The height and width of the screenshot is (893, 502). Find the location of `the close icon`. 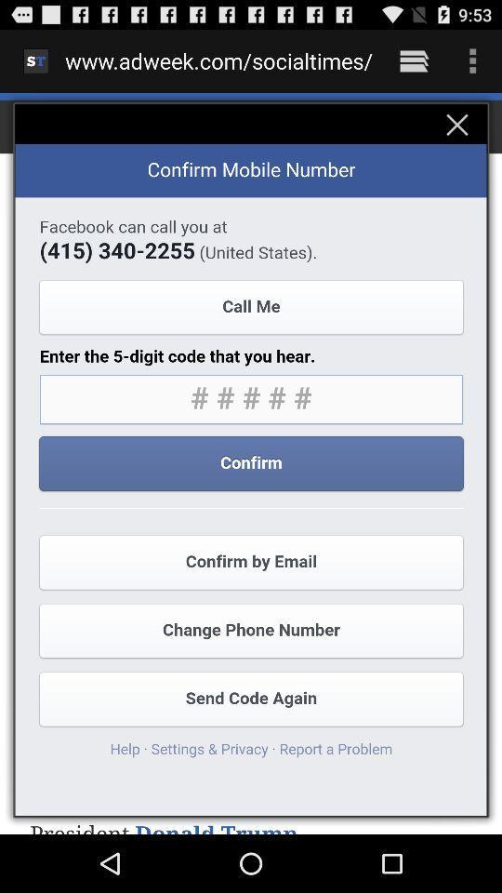

the close icon is located at coordinates (456, 132).